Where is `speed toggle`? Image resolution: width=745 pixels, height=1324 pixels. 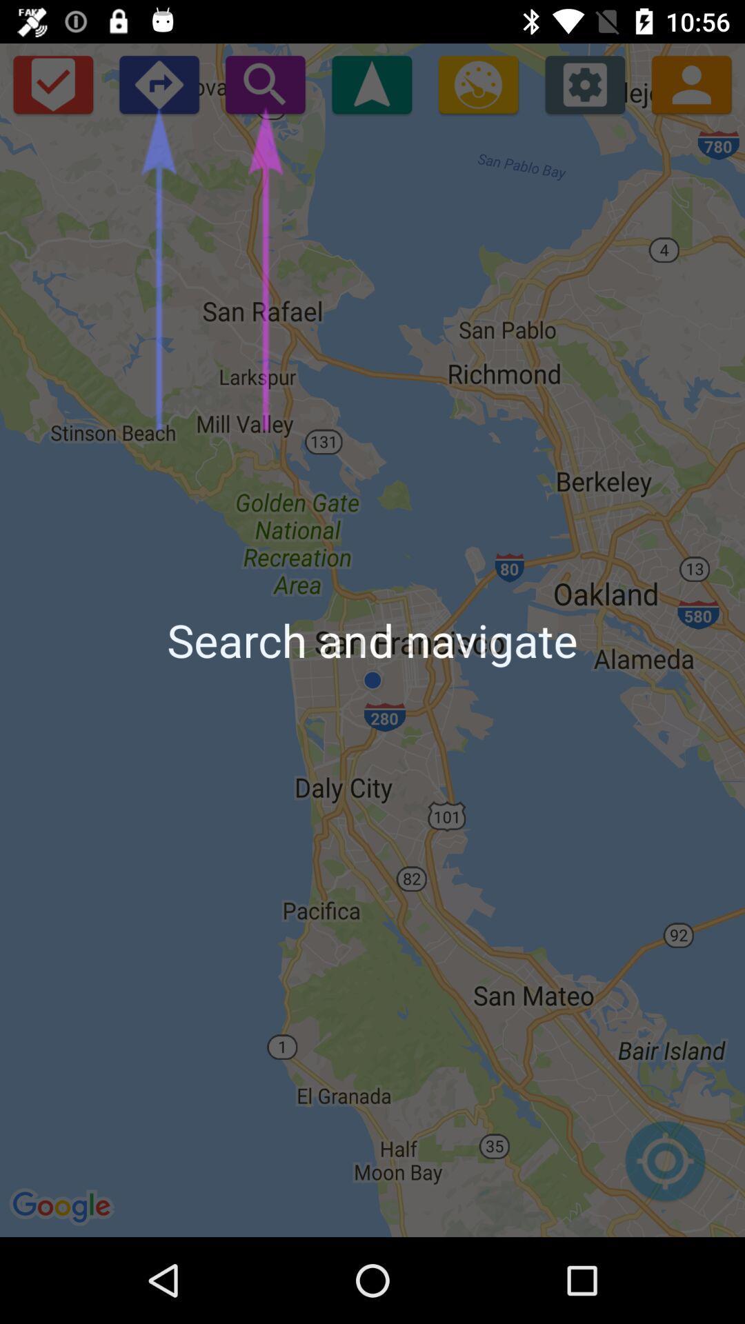
speed toggle is located at coordinates (477, 83).